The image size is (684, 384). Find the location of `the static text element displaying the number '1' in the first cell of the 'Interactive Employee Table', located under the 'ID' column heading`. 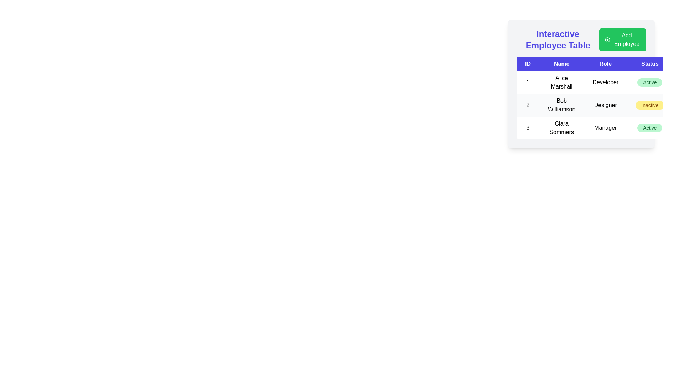

the static text element displaying the number '1' in the first cell of the 'Interactive Employee Table', located under the 'ID' column heading is located at coordinates (528, 82).